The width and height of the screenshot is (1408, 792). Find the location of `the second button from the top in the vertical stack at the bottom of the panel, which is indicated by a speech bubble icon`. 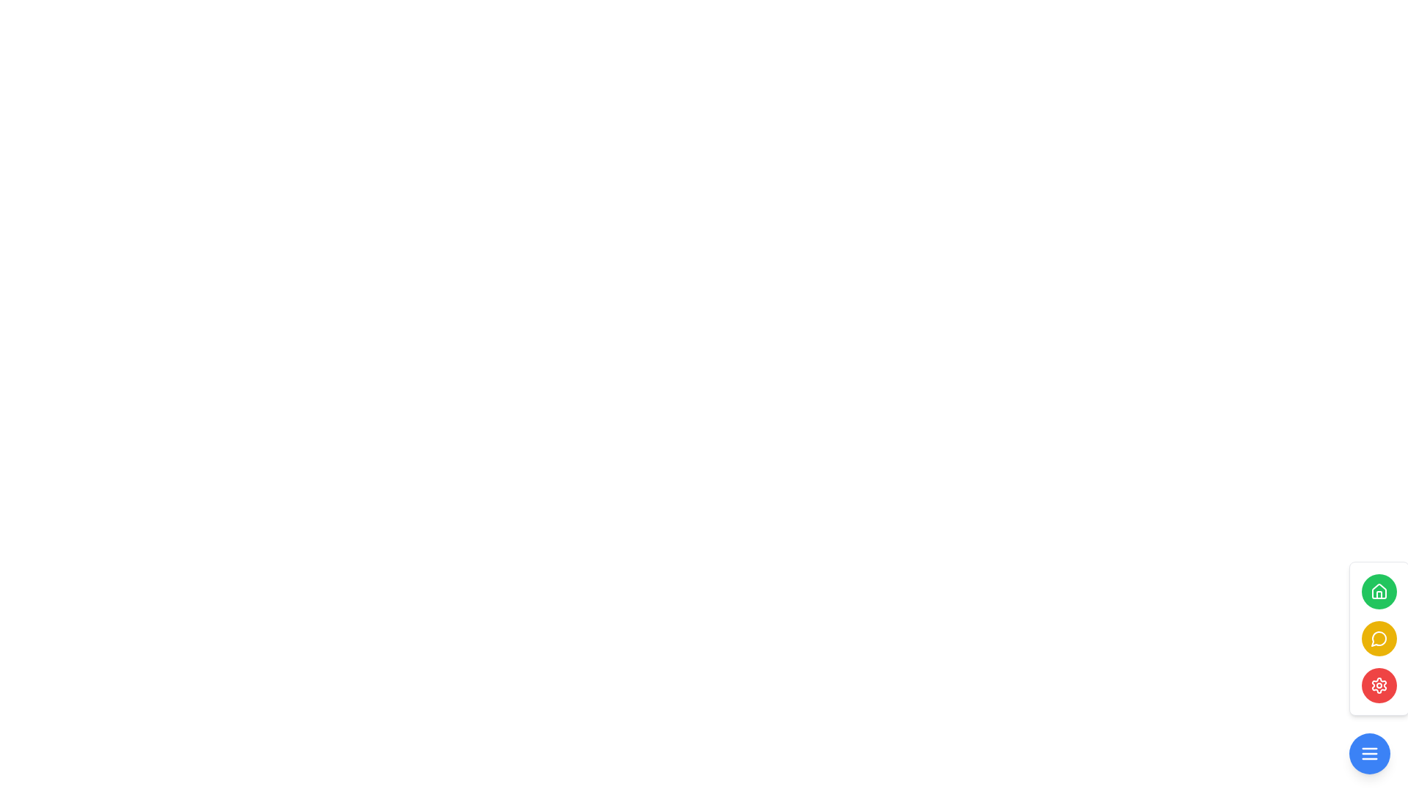

the second button from the top in the vertical stack at the bottom of the panel, which is indicated by a speech bubble icon is located at coordinates (1379, 638).